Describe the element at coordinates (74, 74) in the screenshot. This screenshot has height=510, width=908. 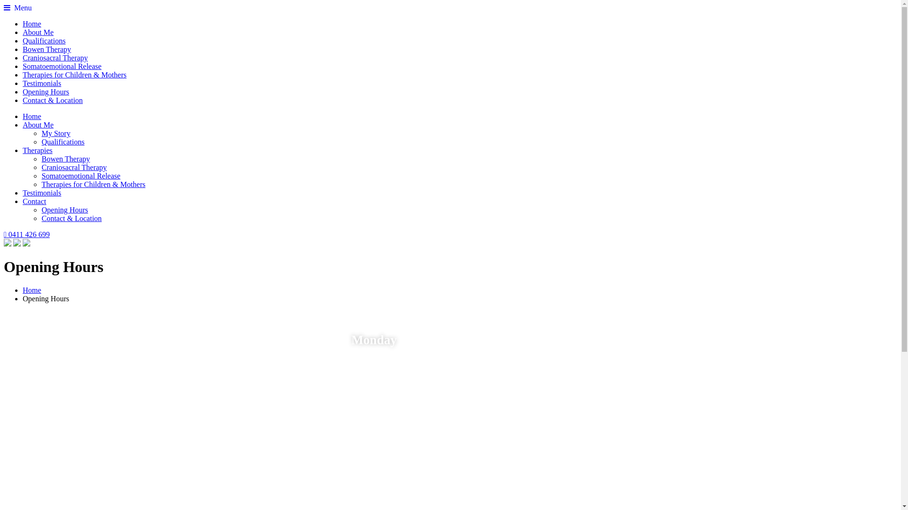
I see `'Therapies for Children & Mothers'` at that location.